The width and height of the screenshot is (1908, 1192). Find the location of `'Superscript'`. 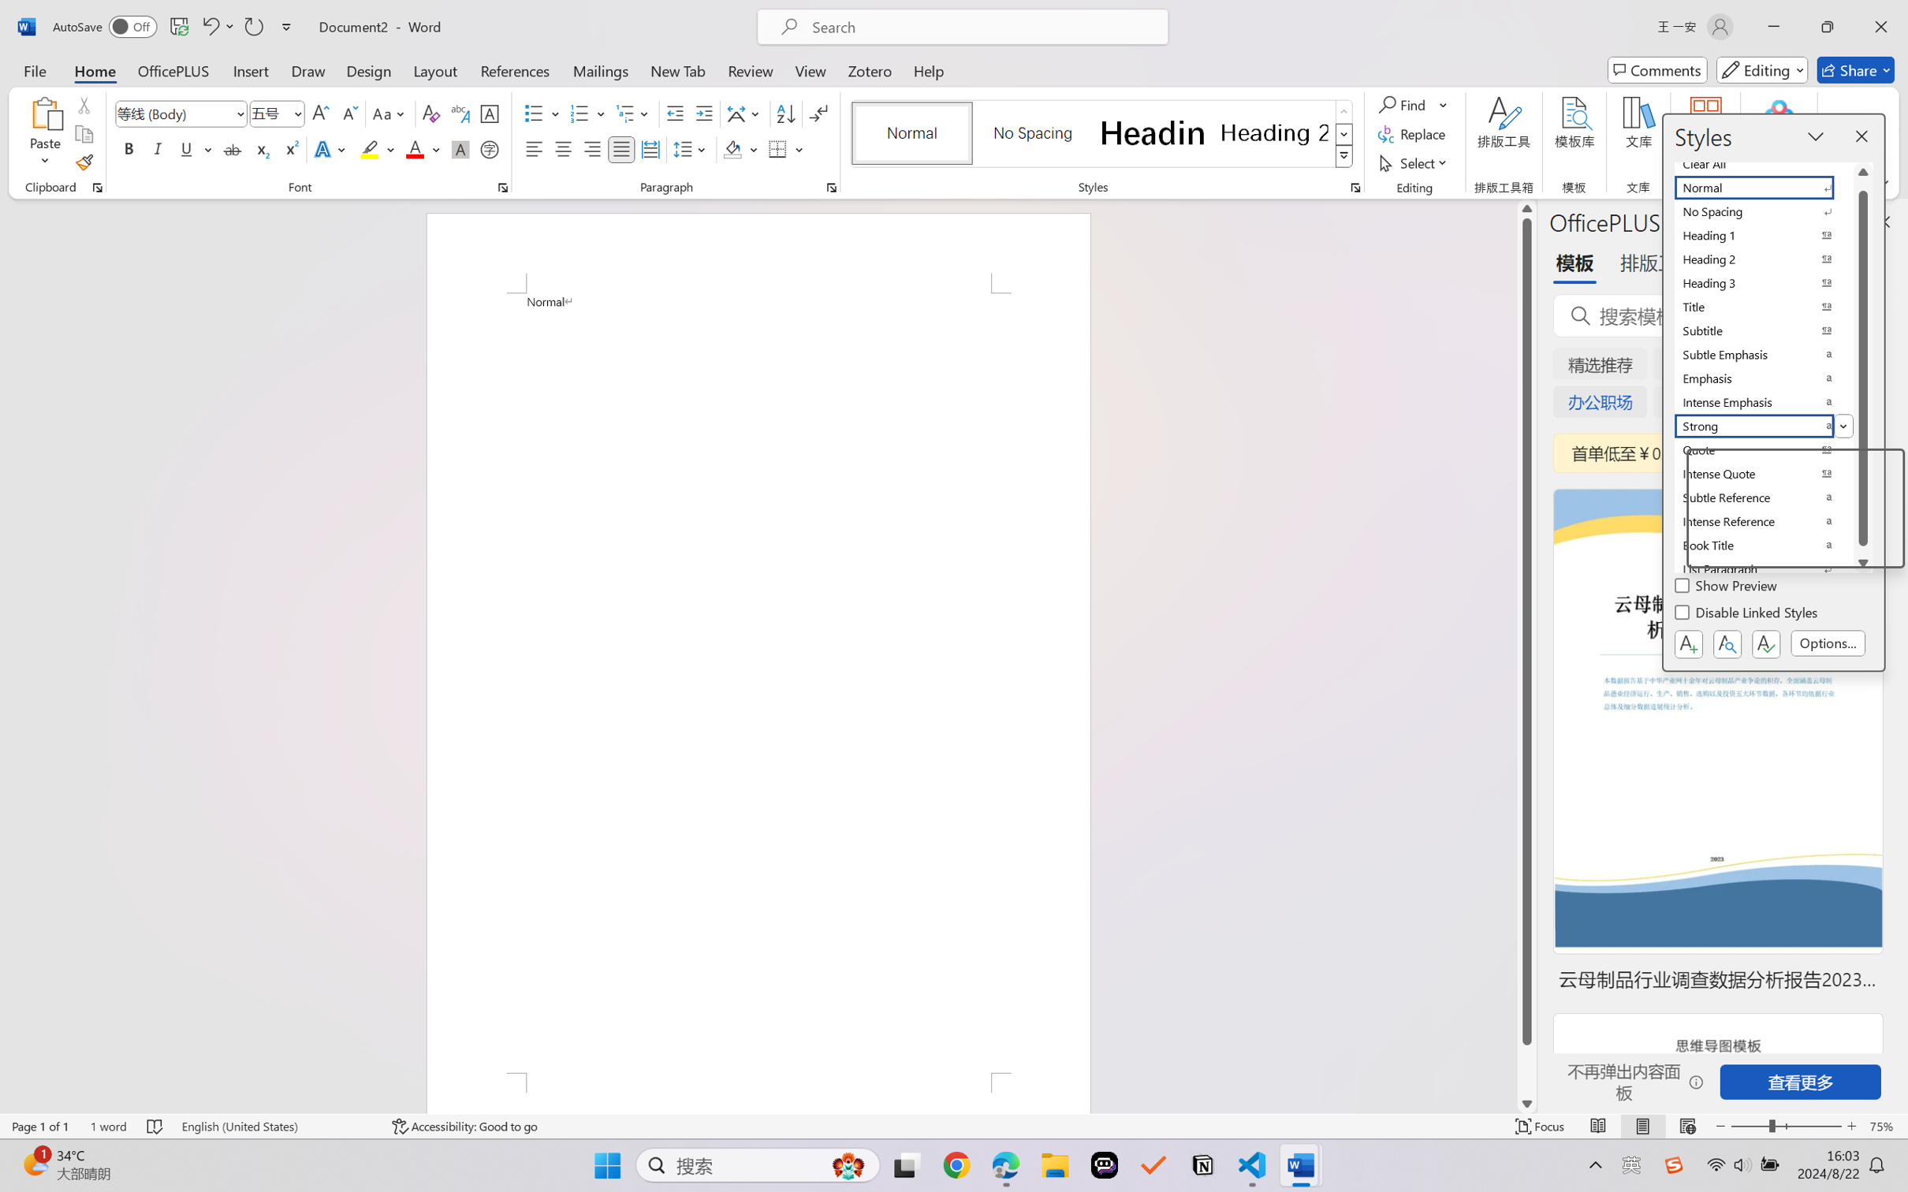

'Superscript' is located at coordinates (289, 148).